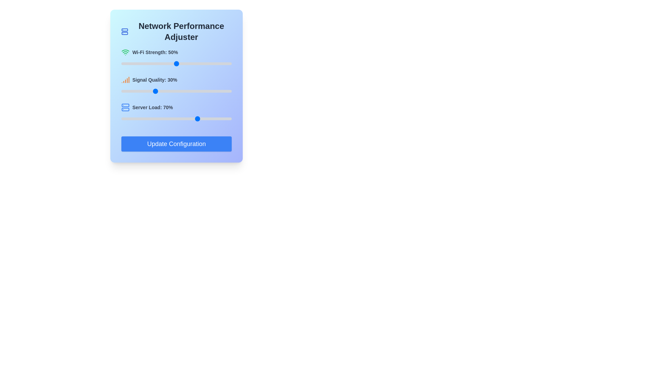 This screenshot has width=662, height=372. I want to click on Wi-Fi strength, so click(164, 64).